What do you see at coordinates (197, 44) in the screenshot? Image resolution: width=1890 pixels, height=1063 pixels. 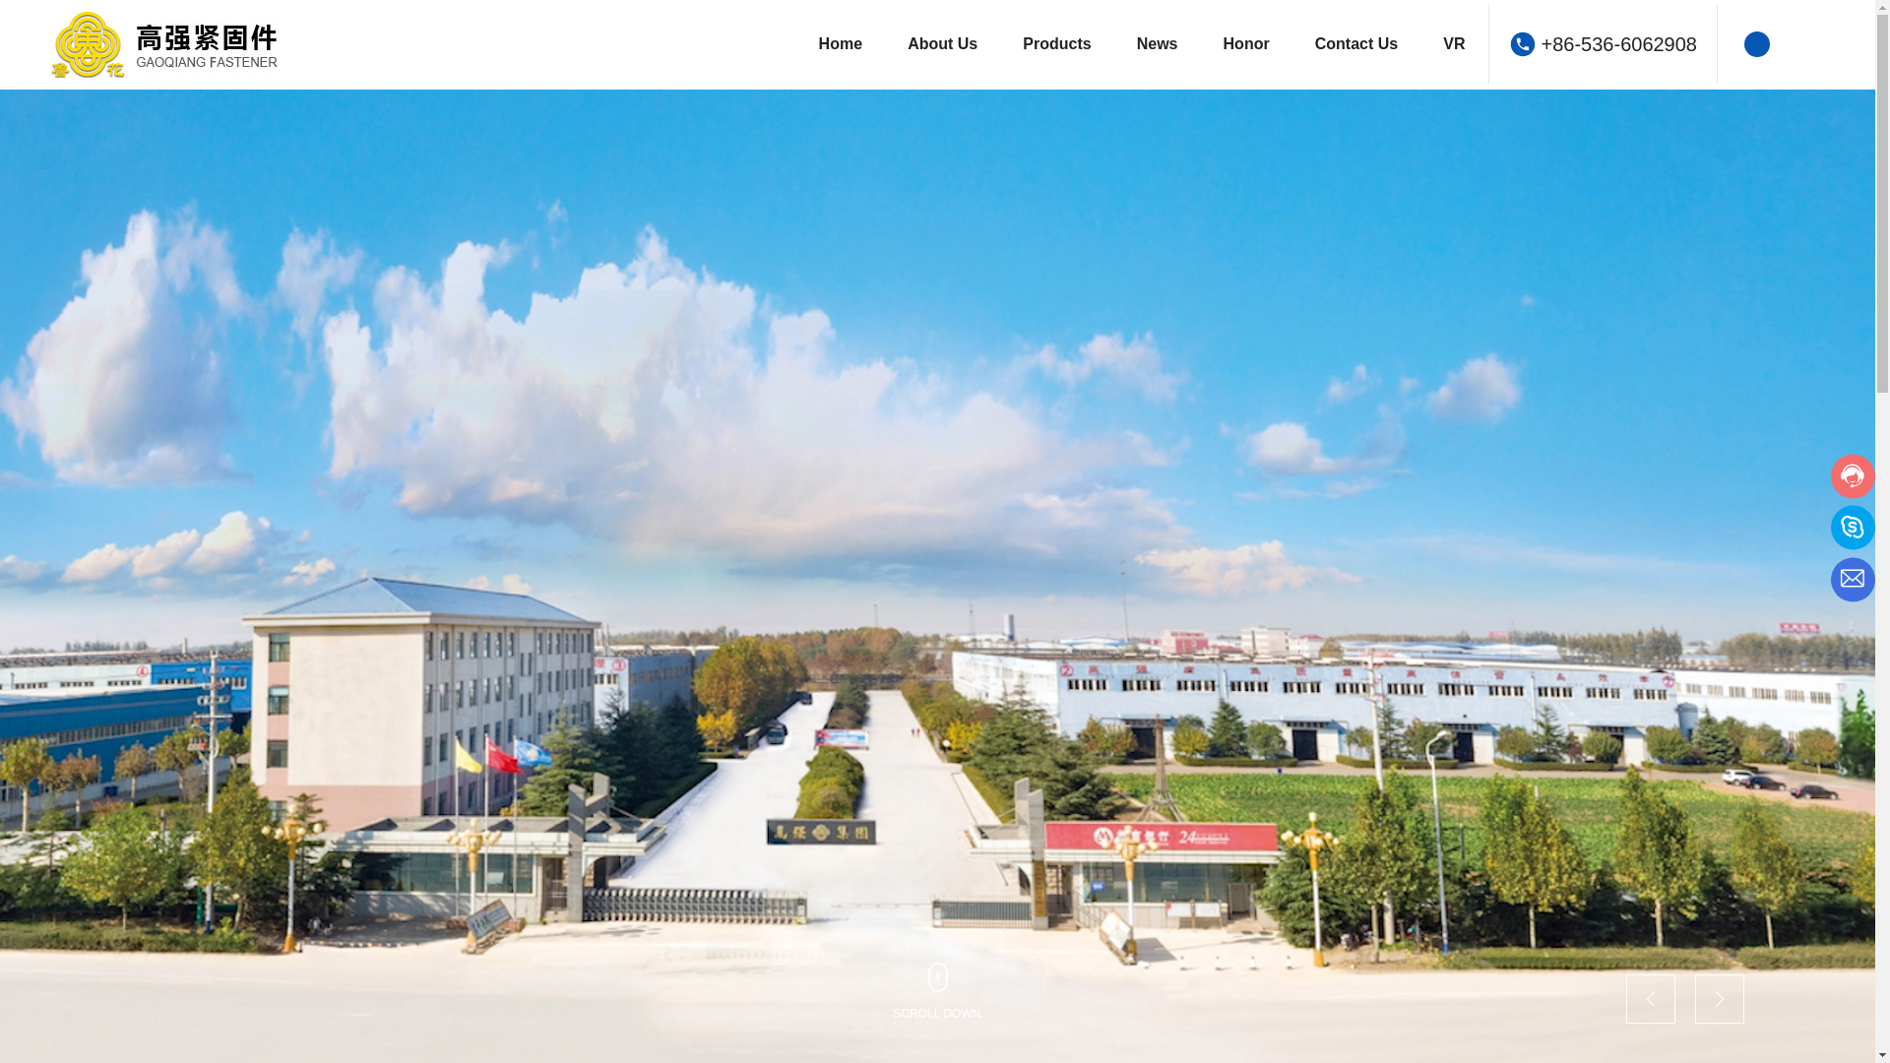 I see `'	Shandong Gaoqiang Fastener Co. LTD'` at bounding box center [197, 44].